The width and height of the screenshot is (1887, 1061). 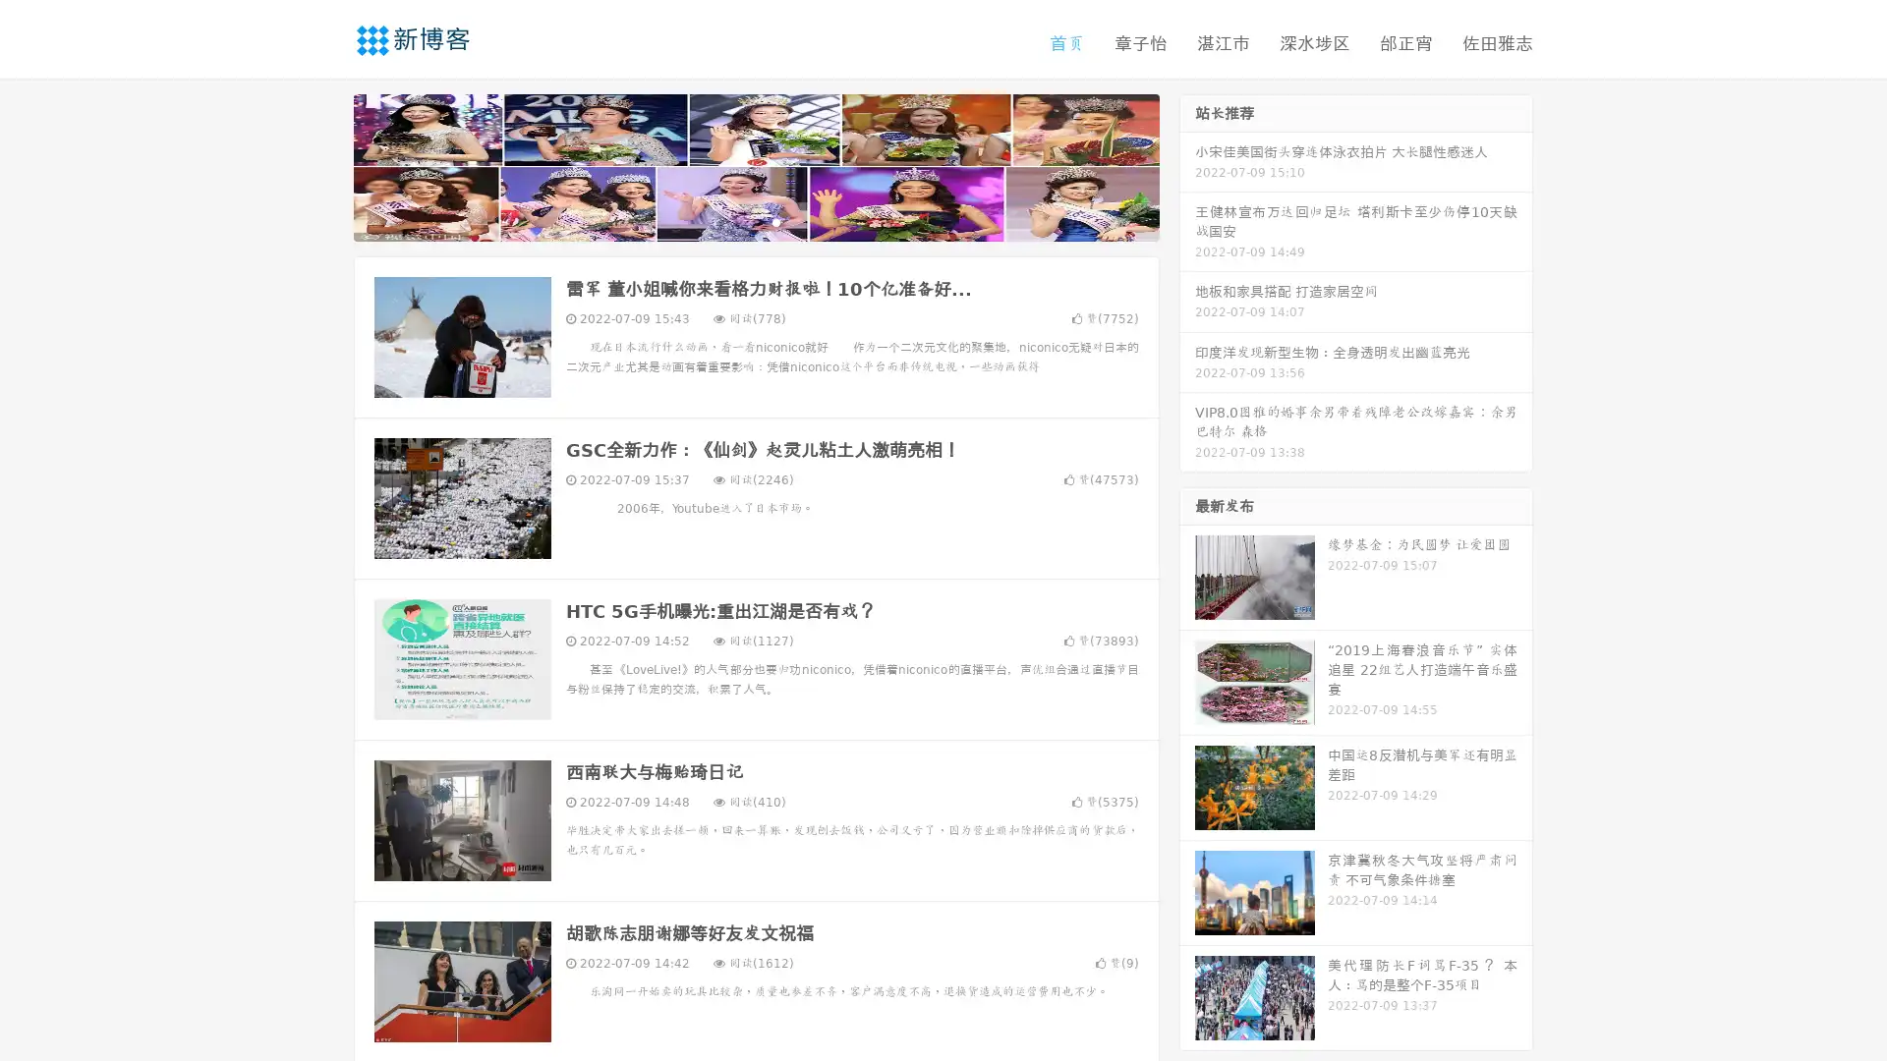 I want to click on Go to slide 3, so click(x=775, y=221).